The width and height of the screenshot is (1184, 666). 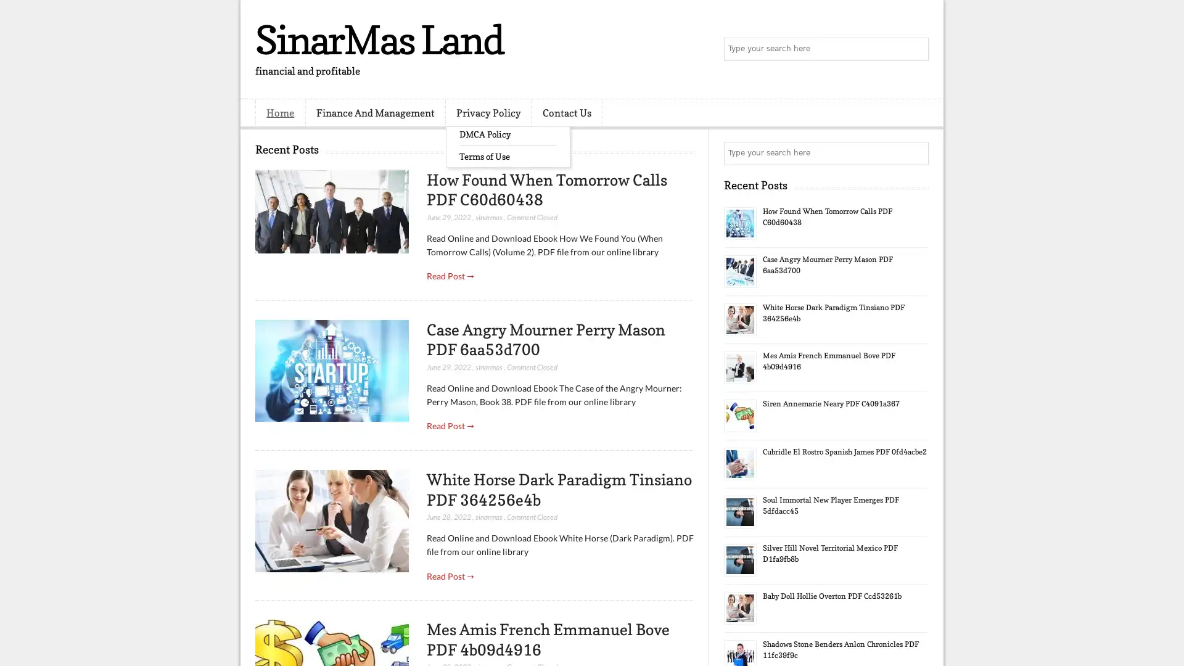 I want to click on Search, so click(x=916, y=49).